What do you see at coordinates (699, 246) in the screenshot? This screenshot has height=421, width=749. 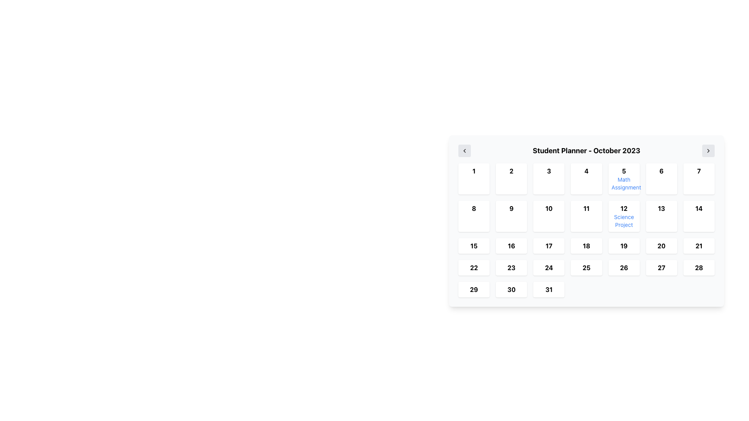 I see `the label representing the 21st day of the month in the calendar view of 'Student Planner - October 2023' for enhanced interaction` at bounding box center [699, 246].